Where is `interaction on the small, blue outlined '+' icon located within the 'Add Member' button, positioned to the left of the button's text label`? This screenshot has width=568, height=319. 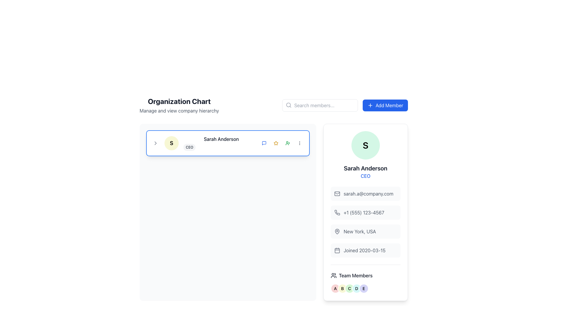 interaction on the small, blue outlined '+' icon located within the 'Add Member' button, positioned to the left of the button's text label is located at coordinates (370, 105).